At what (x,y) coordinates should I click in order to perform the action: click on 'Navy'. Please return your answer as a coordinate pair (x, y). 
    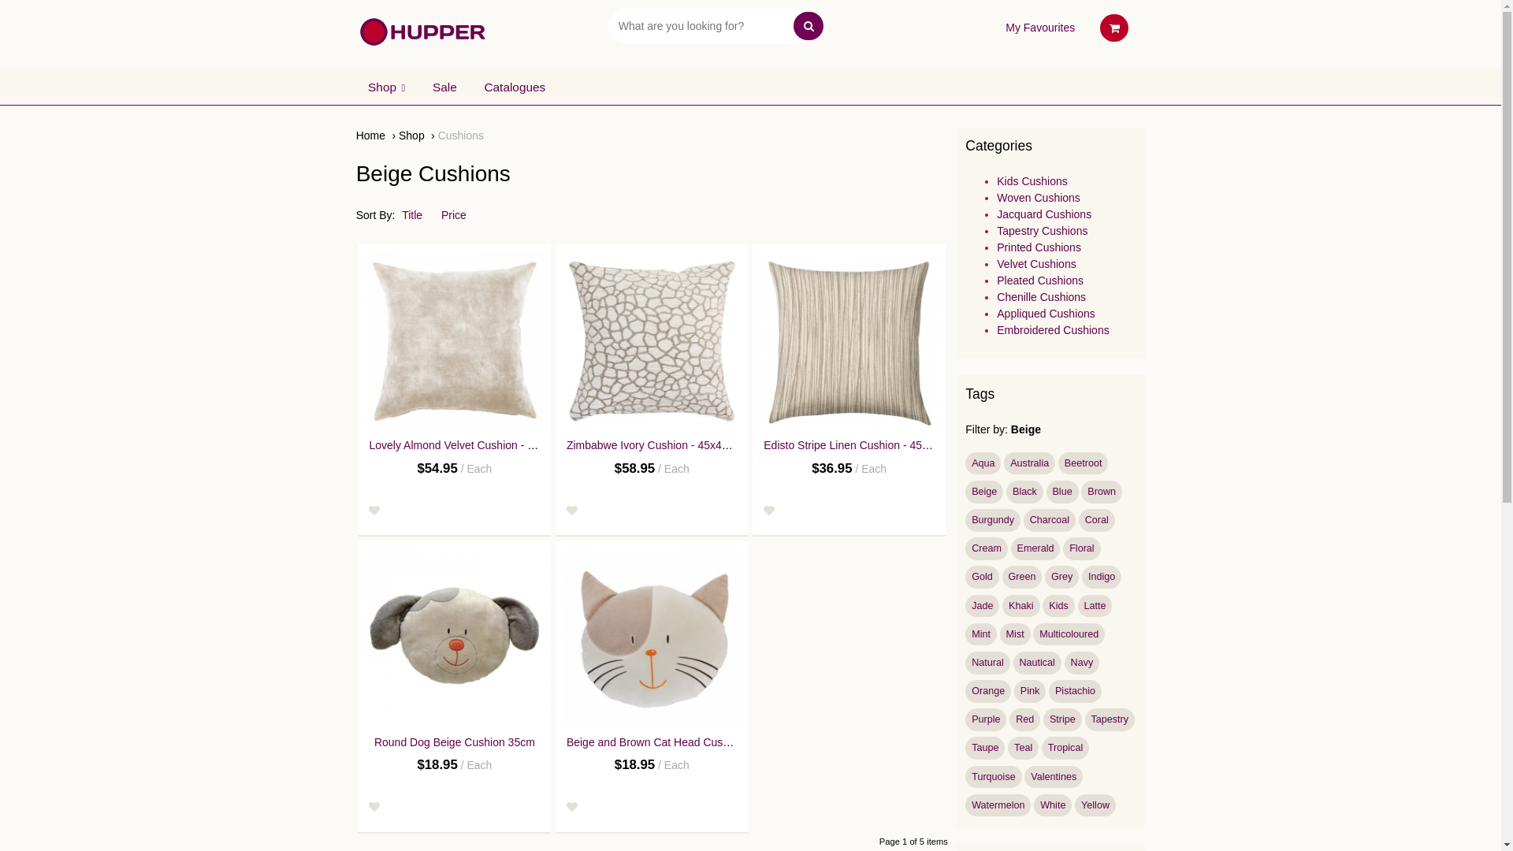
    Looking at the image, I should click on (1080, 663).